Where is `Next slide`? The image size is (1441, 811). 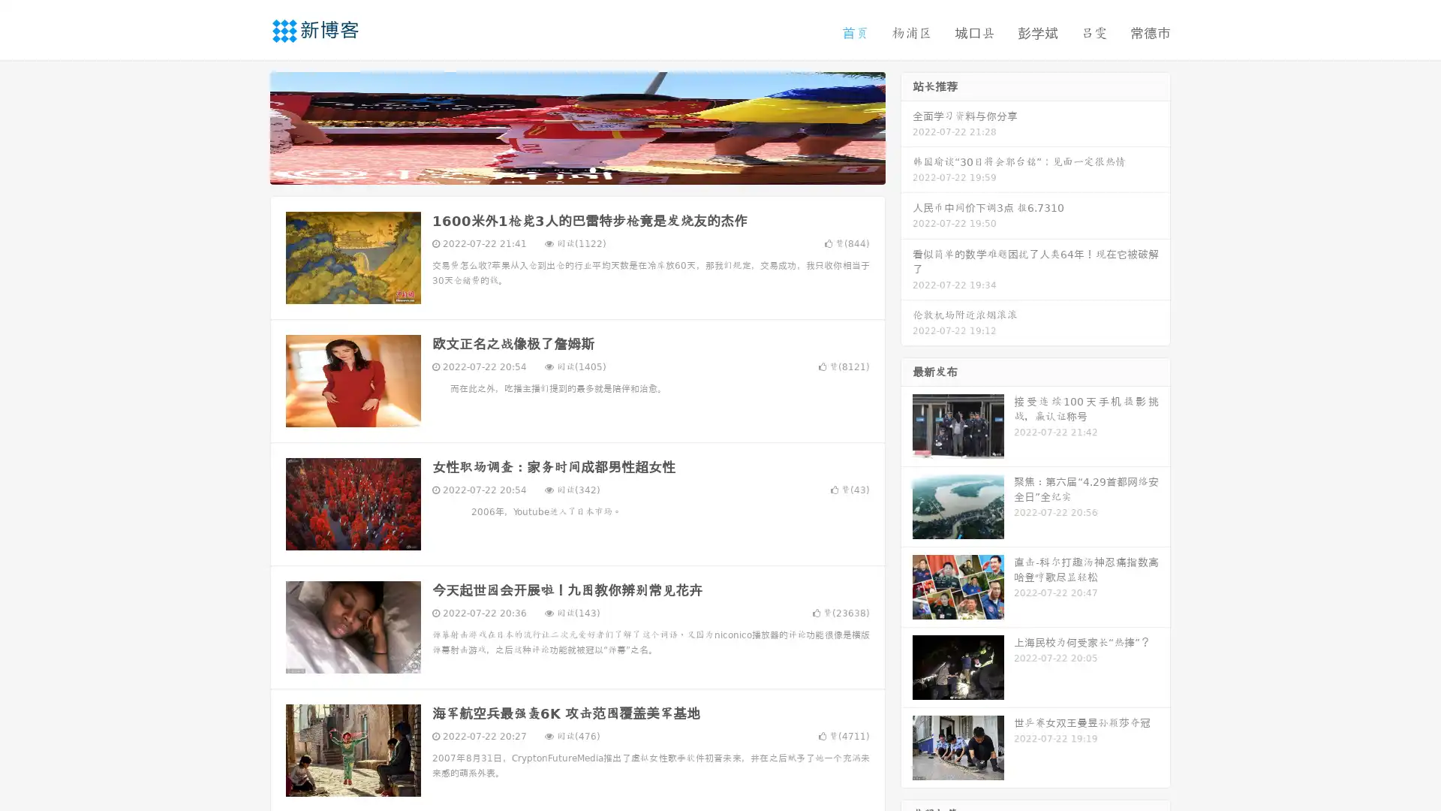
Next slide is located at coordinates (907, 126).